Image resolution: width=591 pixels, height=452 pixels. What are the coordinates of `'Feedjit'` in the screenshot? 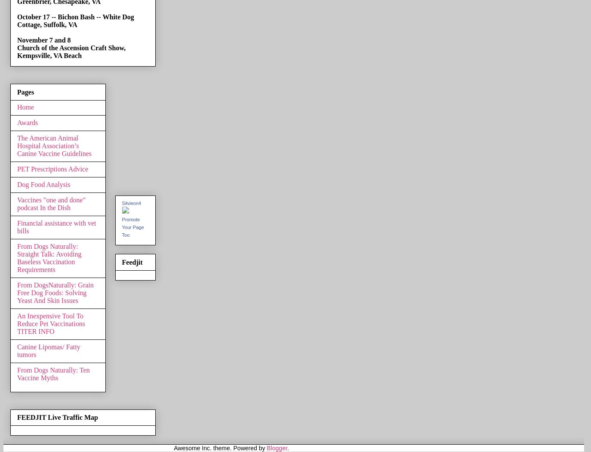 It's located at (131, 261).